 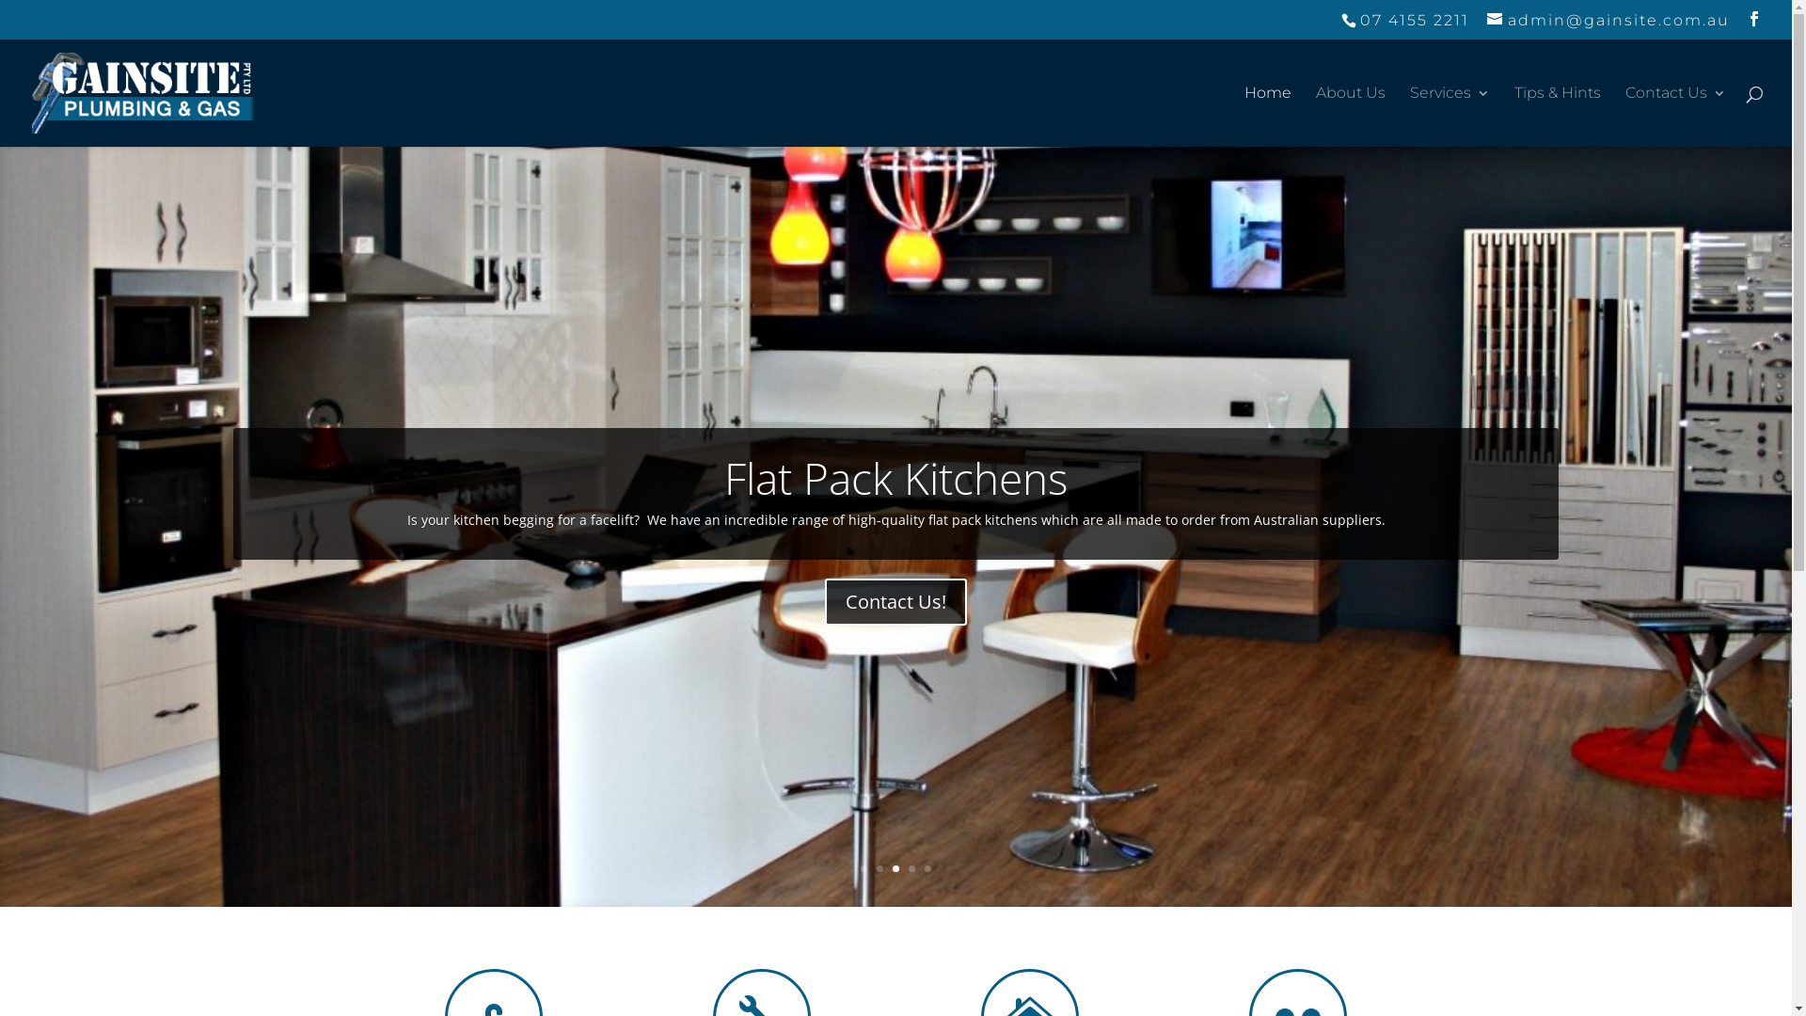 I want to click on 'Home', so click(x=1268, y=116).